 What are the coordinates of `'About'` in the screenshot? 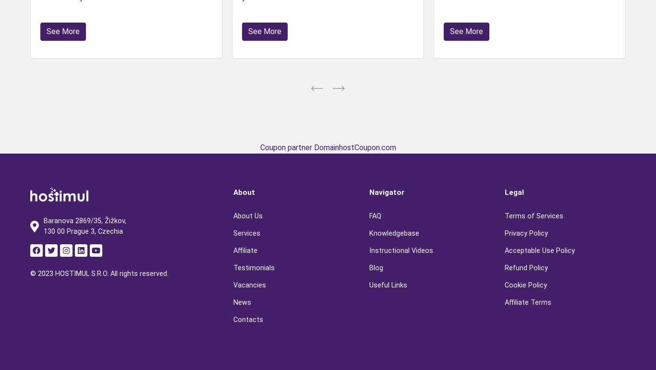 It's located at (244, 191).